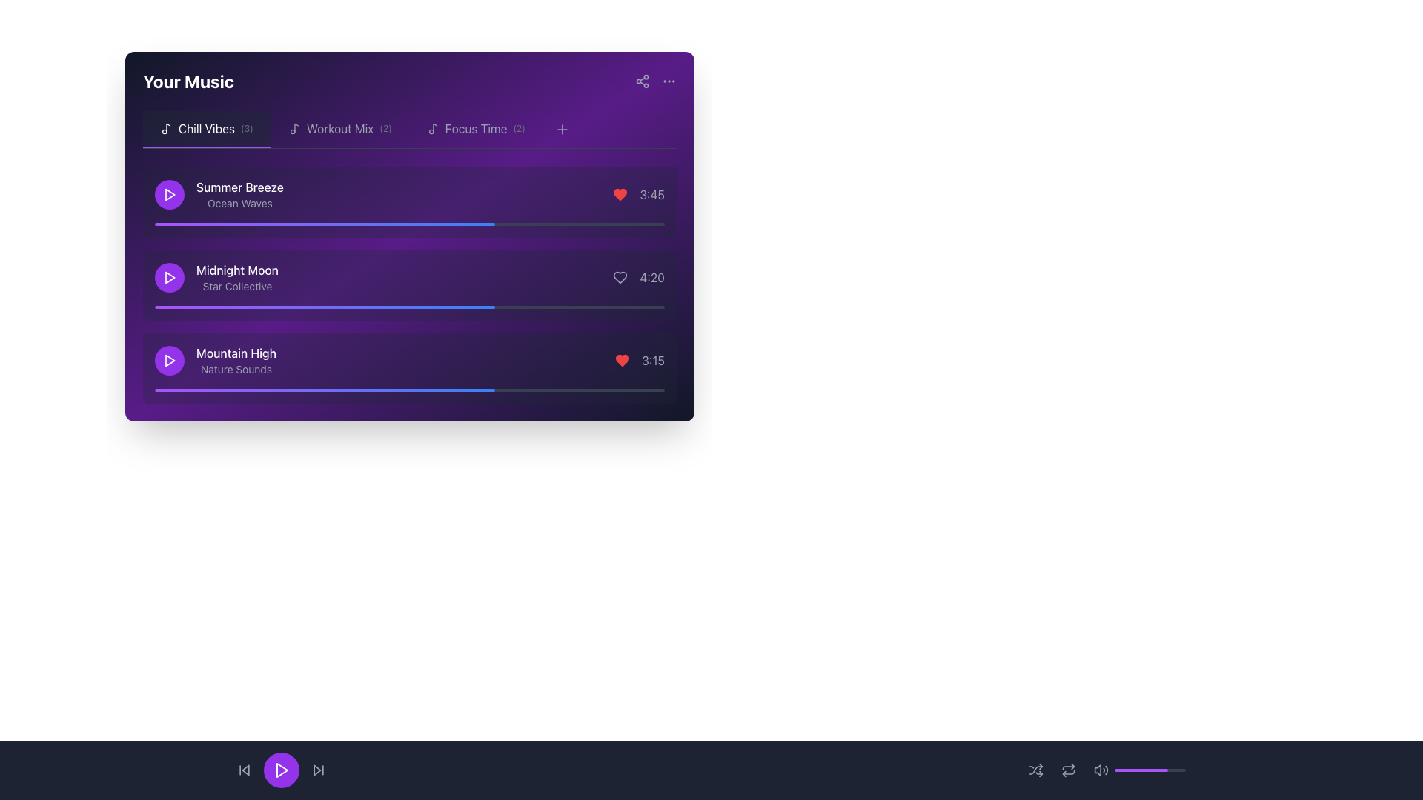 Image resolution: width=1423 pixels, height=800 pixels. What do you see at coordinates (277, 224) in the screenshot?
I see `progress` at bounding box center [277, 224].